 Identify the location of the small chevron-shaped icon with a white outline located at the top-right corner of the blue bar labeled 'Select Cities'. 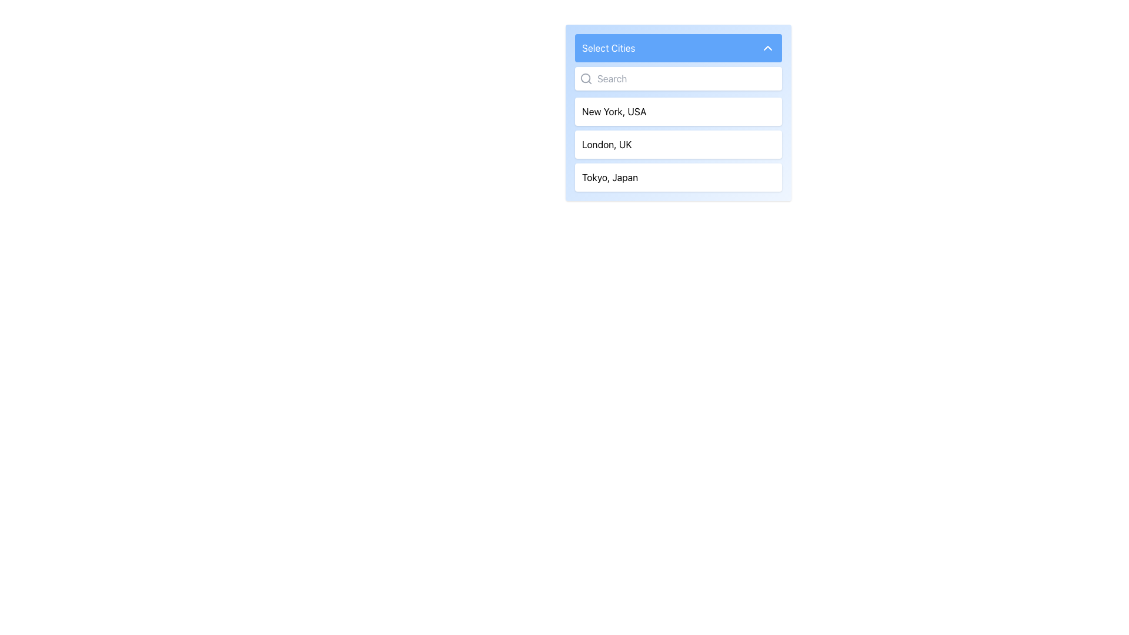
(767, 47).